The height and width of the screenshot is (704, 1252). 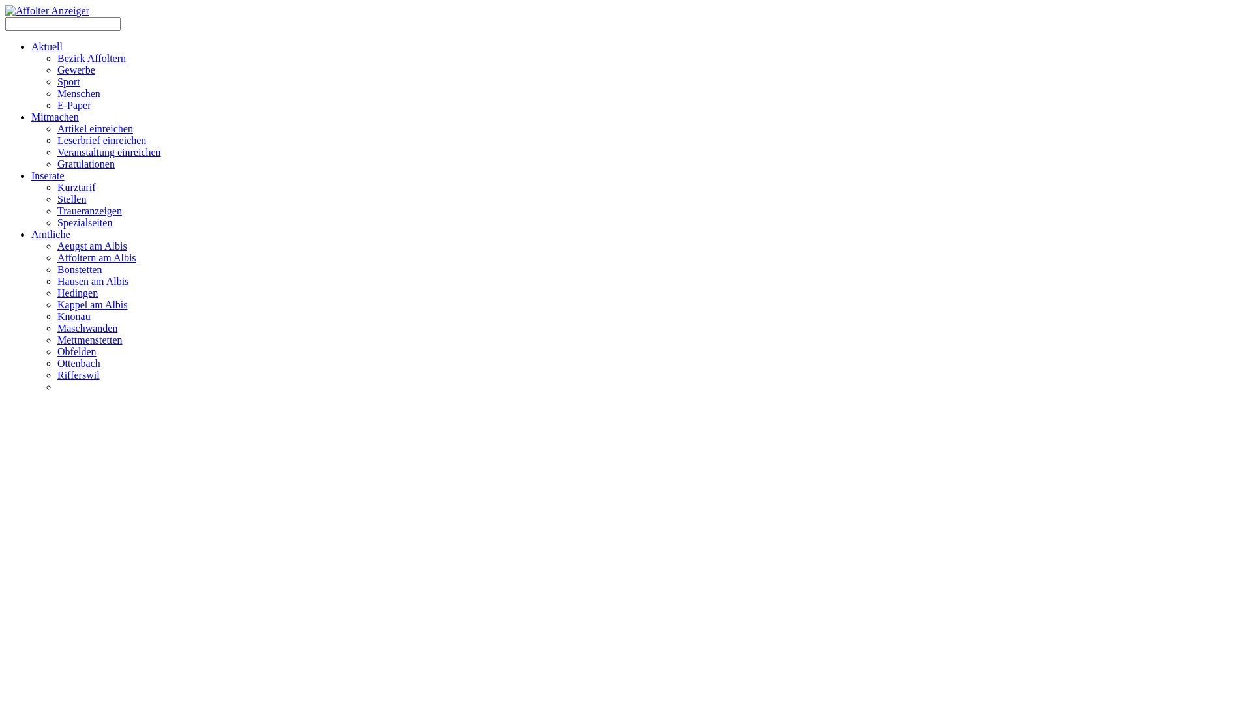 I want to click on 'Sport', so click(x=68, y=81).